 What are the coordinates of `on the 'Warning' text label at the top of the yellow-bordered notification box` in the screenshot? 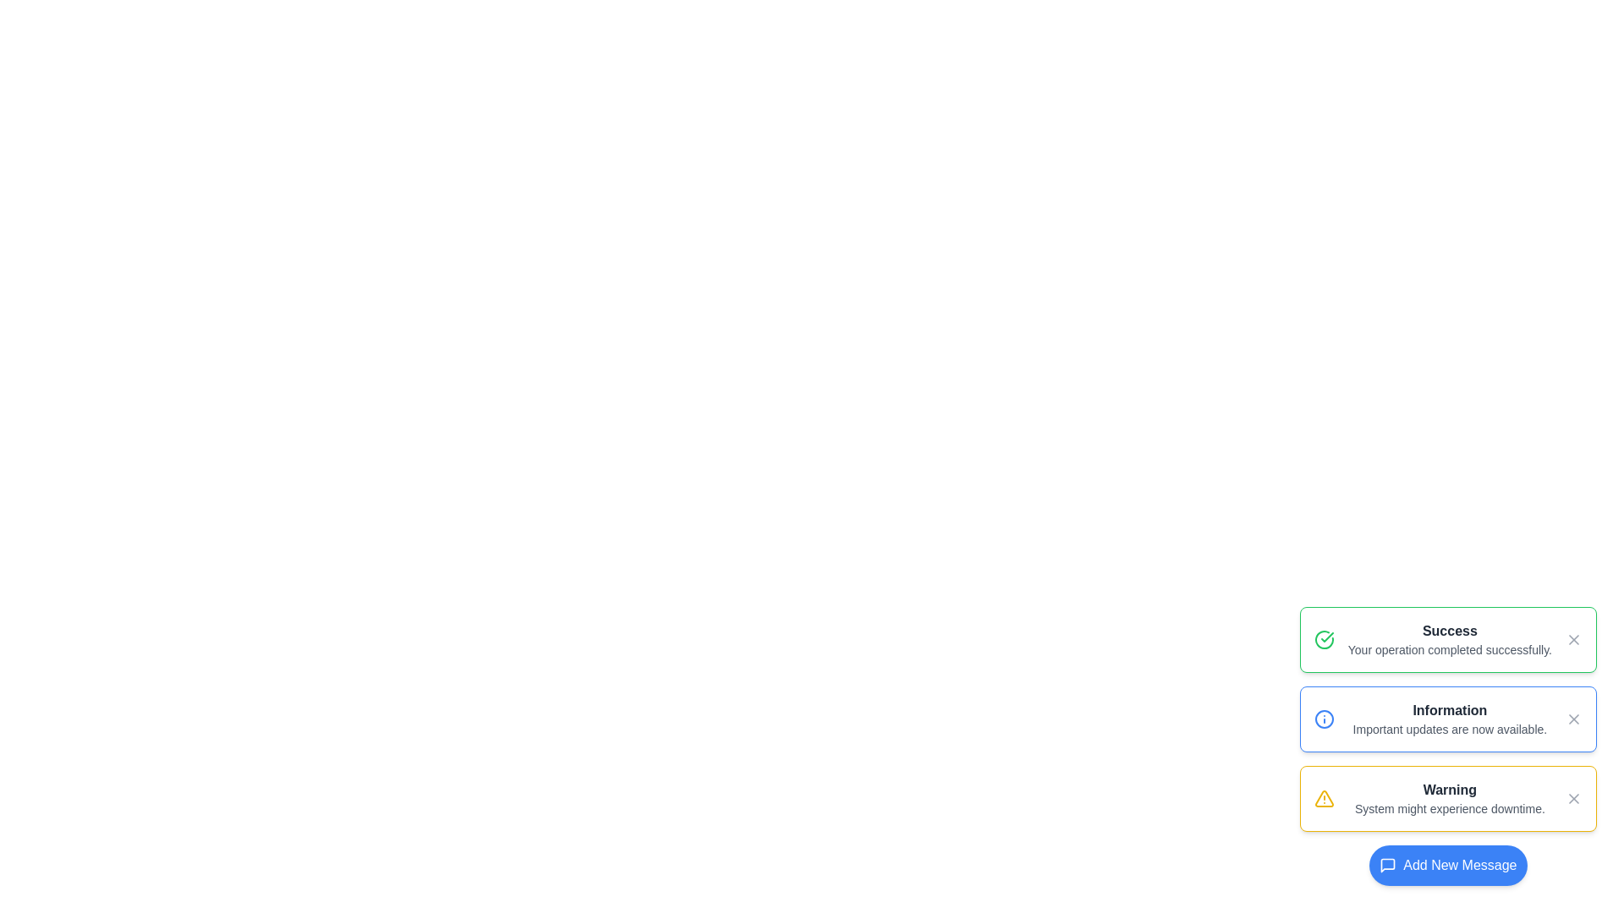 It's located at (1449, 790).